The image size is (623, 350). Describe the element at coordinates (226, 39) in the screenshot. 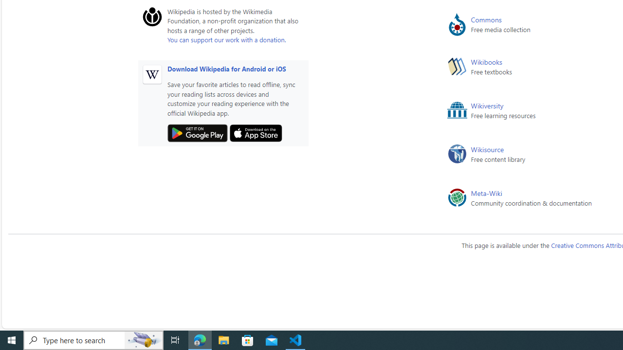

I see `'You can support our work with a donation.'` at that location.